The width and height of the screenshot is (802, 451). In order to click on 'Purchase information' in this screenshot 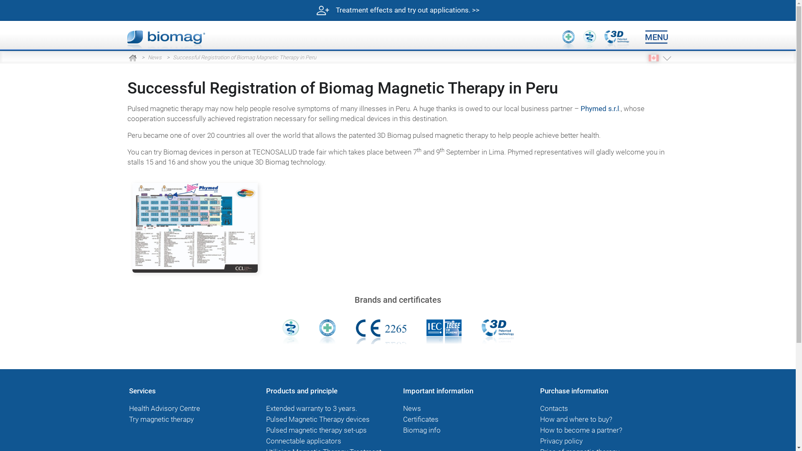, I will do `click(539, 391)`.